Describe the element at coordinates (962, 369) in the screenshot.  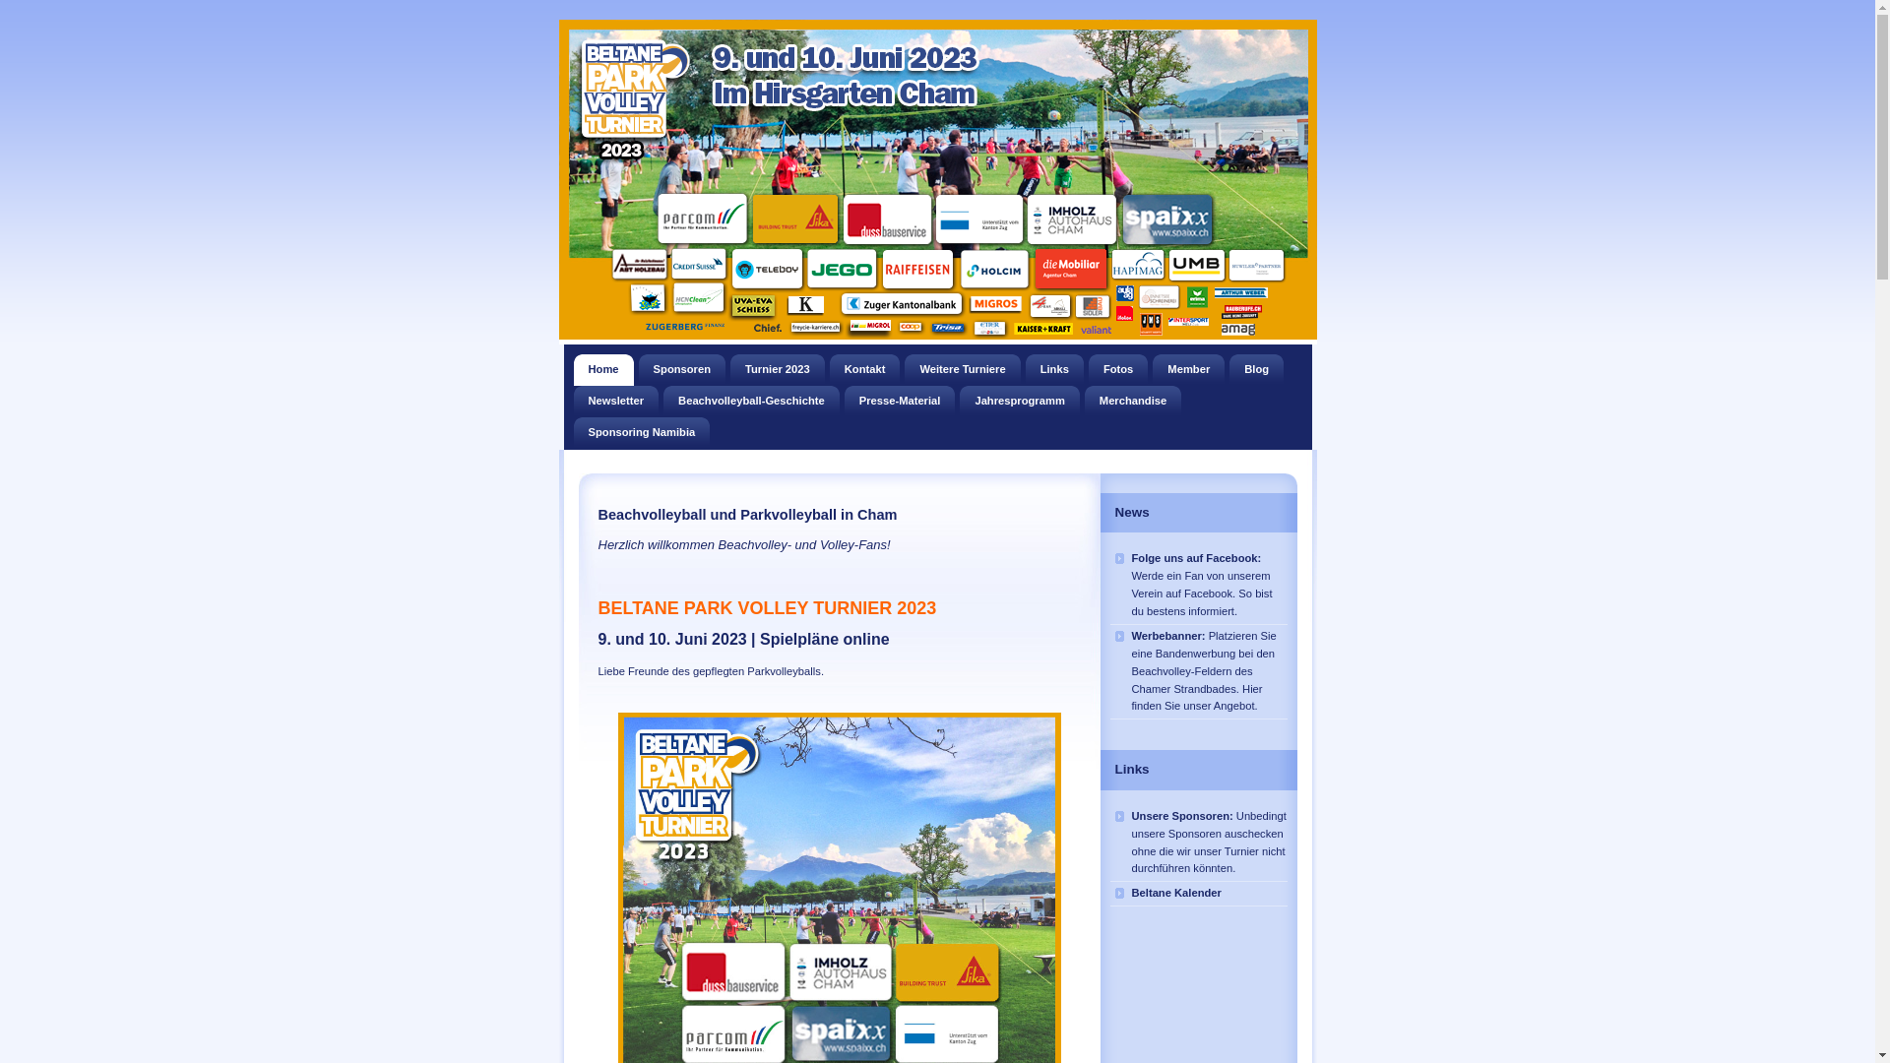
I see `'Weitere Turniere` at that location.